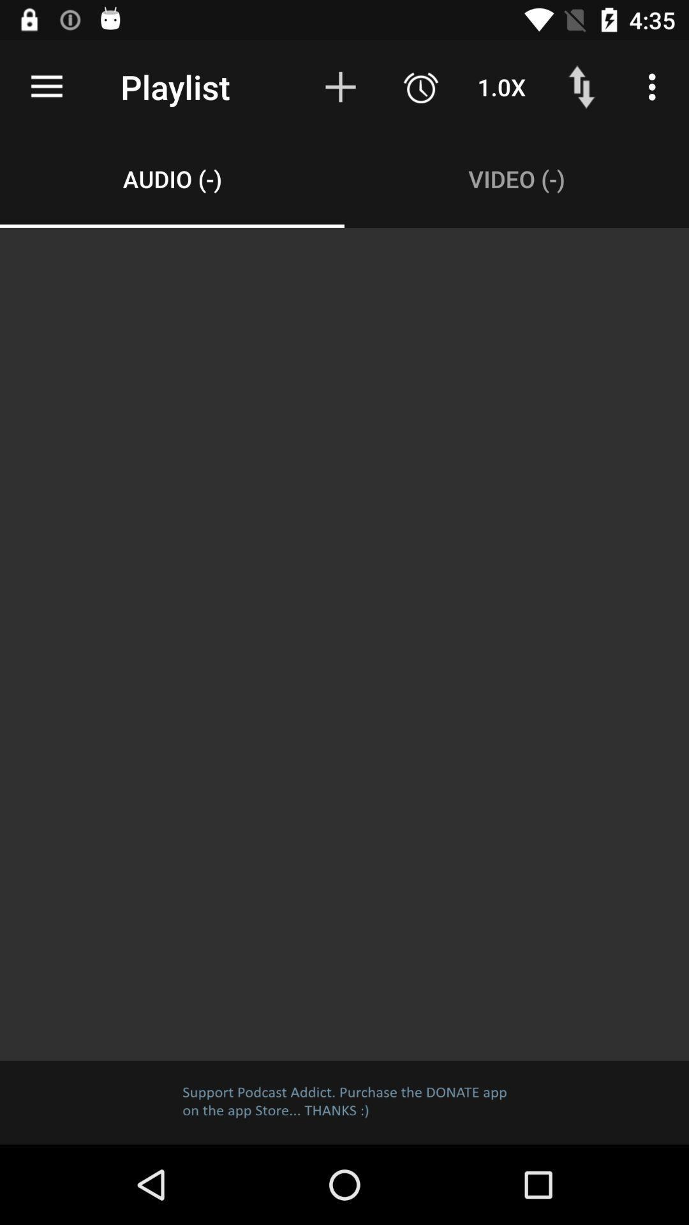 This screenshot has width=689, height=1225. I want to click on the item next to audio (-) icon, so click(517, 178).